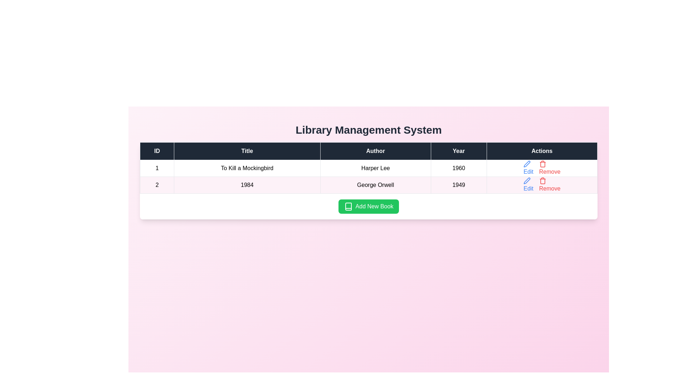 The height and width of the screenshot is (386, 687). Describe the element at coordinates (542, 184) in the screenshot. I see `the 'Edit' or 'Remove' button in the last column of the second row of the table displaying book information to trigger the hover effect` at that location.